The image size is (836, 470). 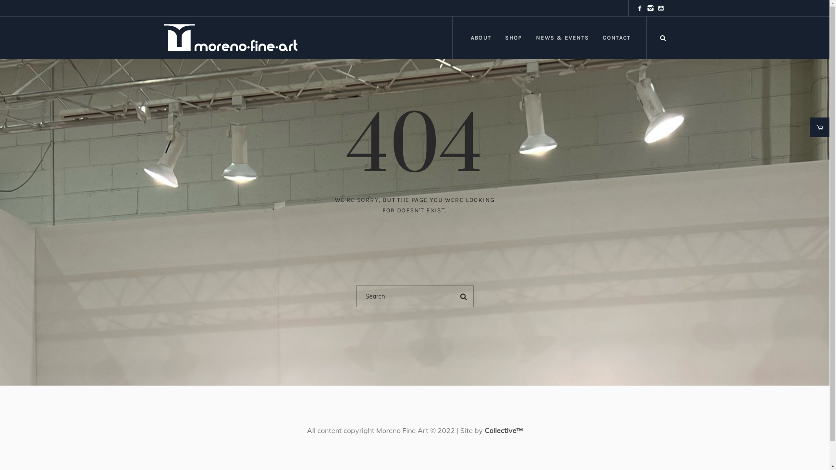 What do you see at coordinates (660, 8) in the screenshot?
I see `'YouTube'` at bounding box center [660, 8].